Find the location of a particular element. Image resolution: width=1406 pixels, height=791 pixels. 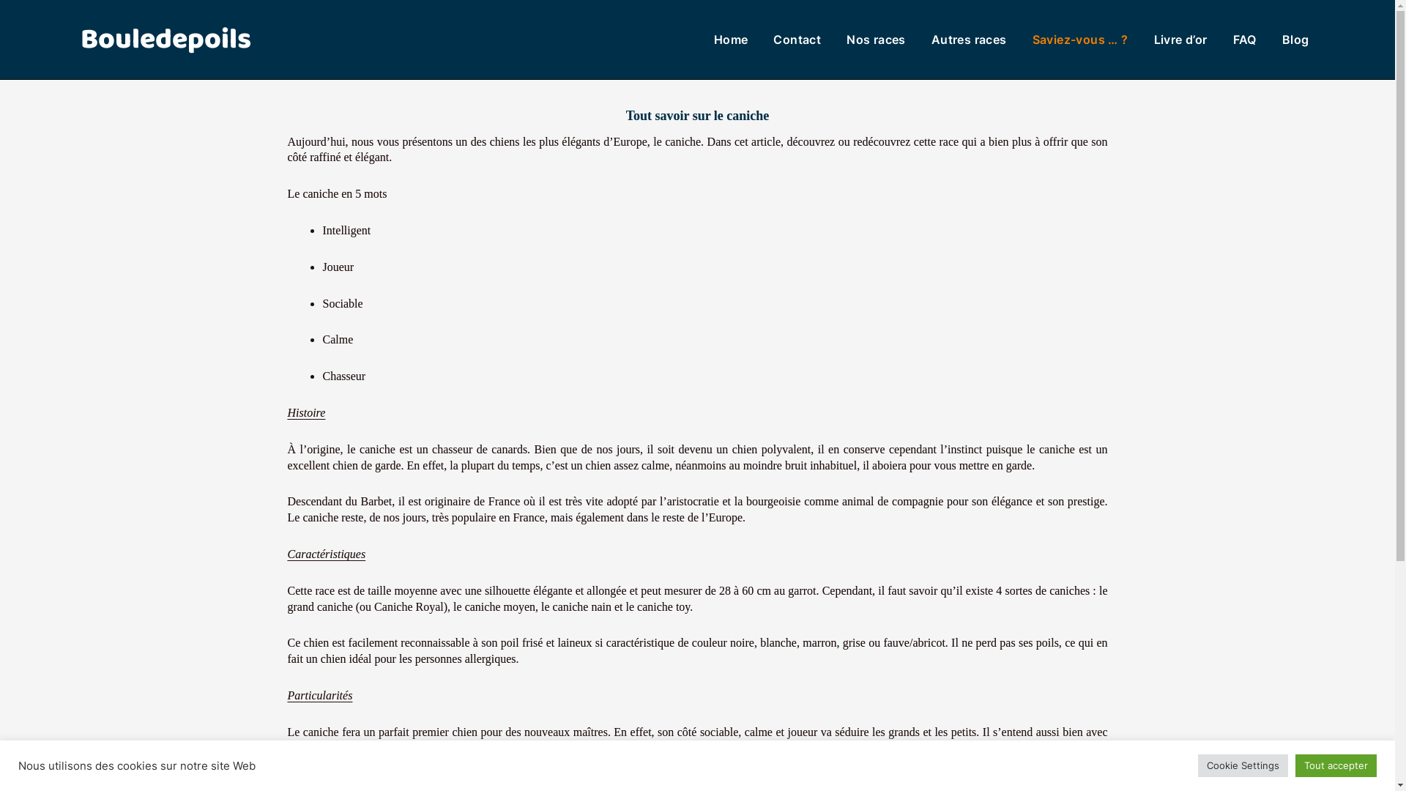

'Blog' is located at coordinates (1295, 39).